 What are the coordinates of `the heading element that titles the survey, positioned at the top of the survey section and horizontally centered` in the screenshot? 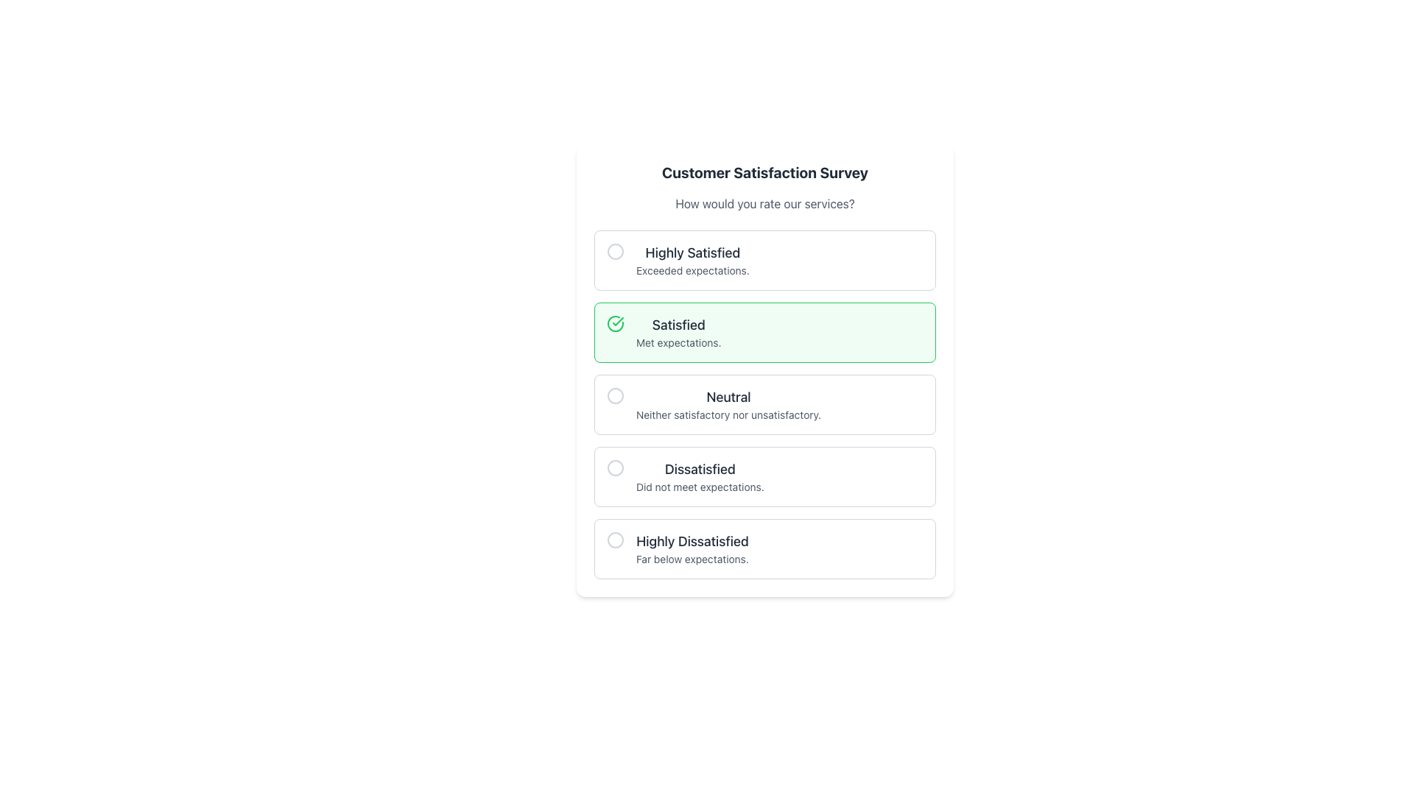 It's located at (764, 172).